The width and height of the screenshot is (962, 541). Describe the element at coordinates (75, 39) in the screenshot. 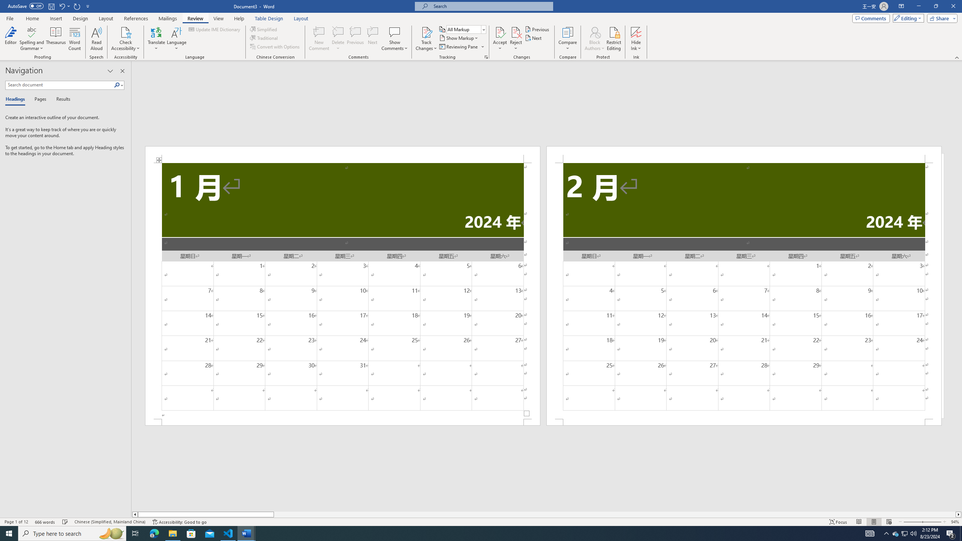

I see `'Word Count'` at that location.